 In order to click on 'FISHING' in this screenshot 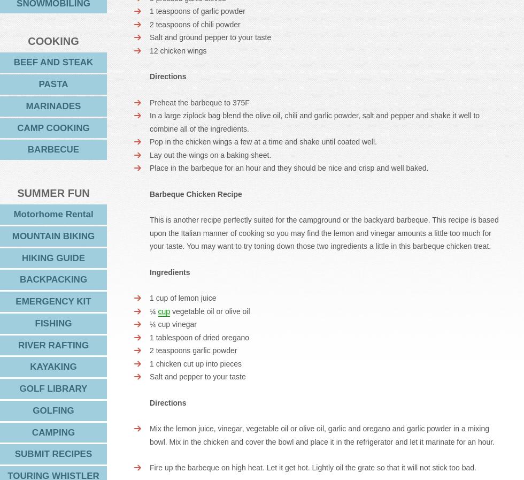, I will do `click(53, 323)`.